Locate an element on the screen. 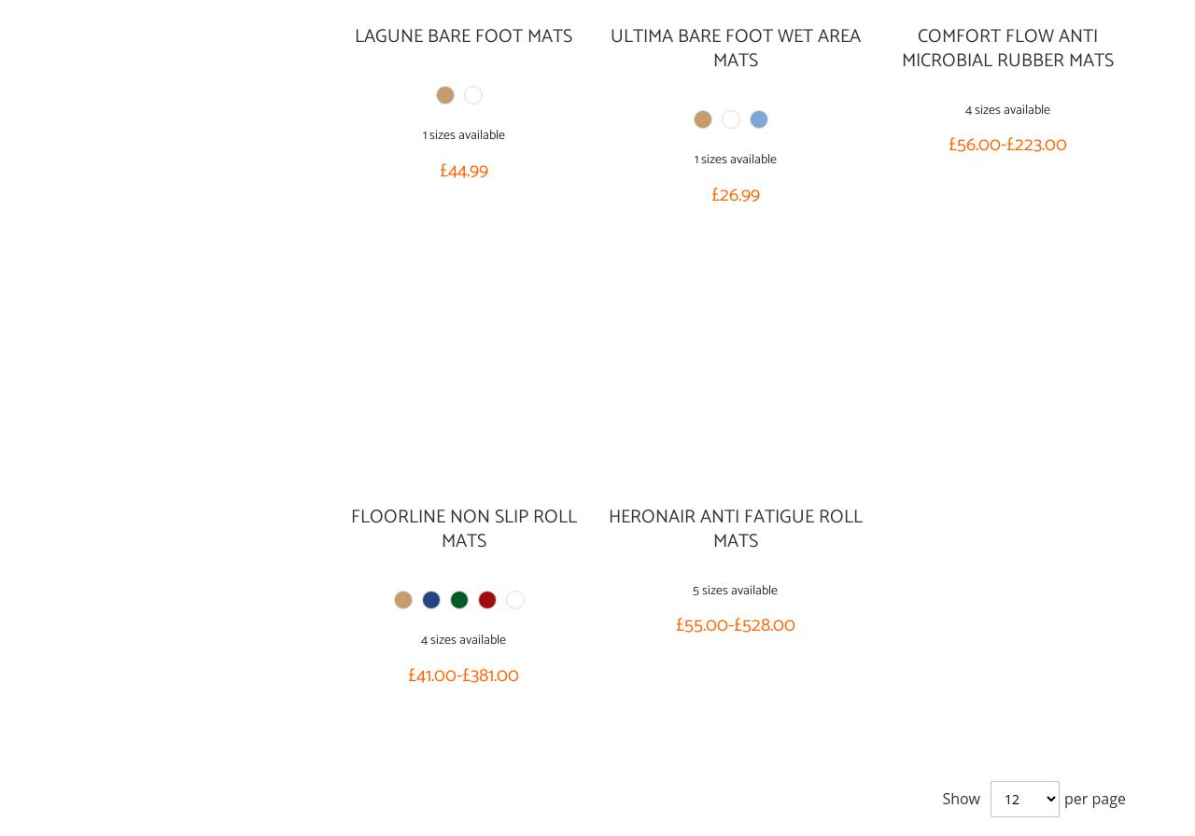 This screenshot has height=836, width=1195. 'Lagune Bare Foot Mats' is located at coordinates (463, 35).